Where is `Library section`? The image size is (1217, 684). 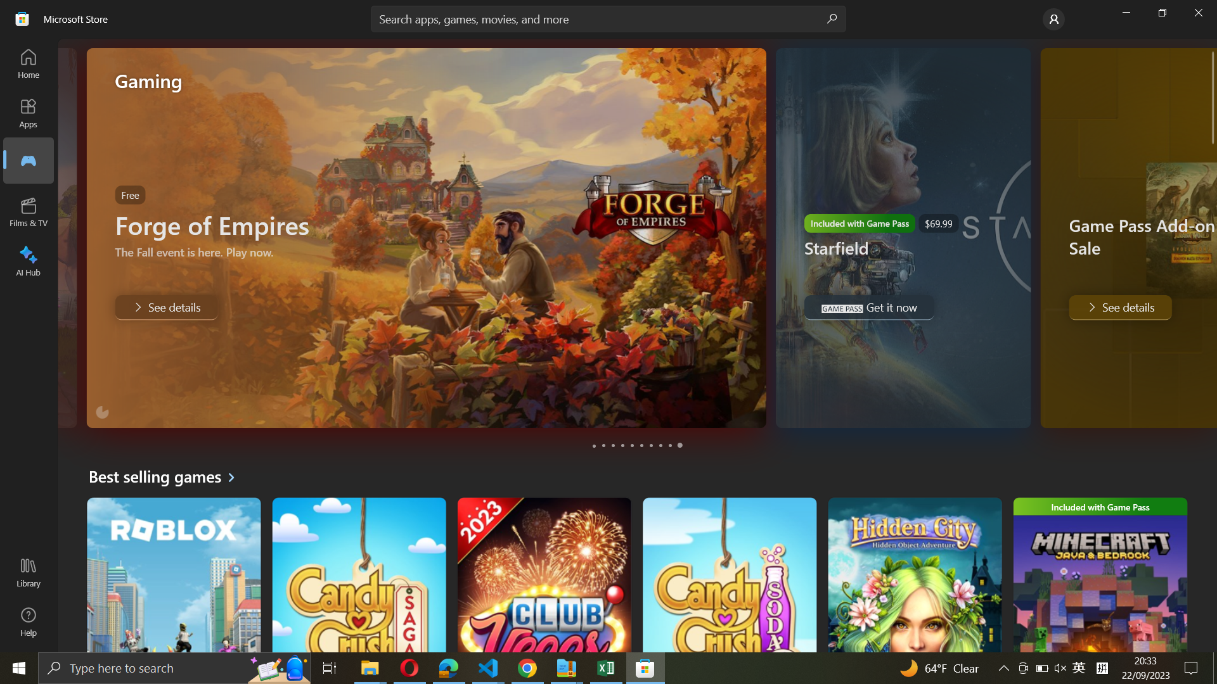 Library section is located at coordinates (30, 574).